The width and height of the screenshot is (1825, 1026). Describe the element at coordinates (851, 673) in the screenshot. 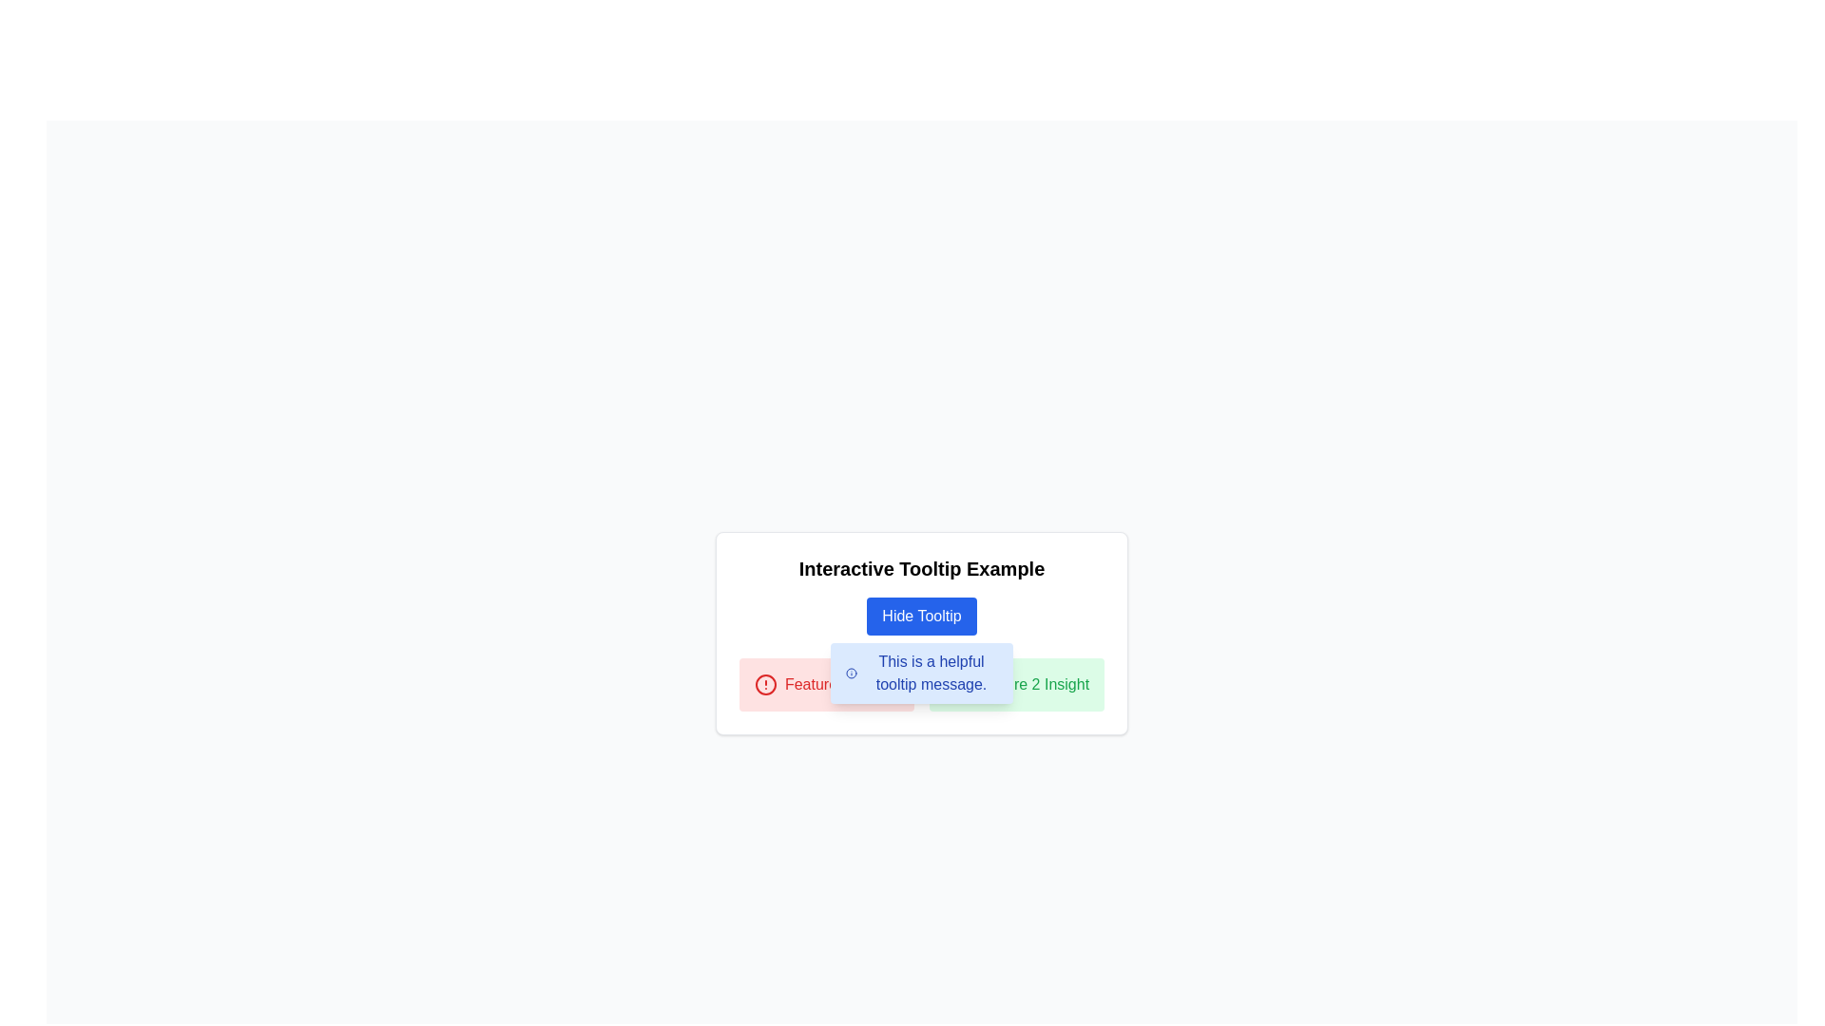

I see `the circular information icon with a bold outline and an exclamation-like stroke inside` at that location.